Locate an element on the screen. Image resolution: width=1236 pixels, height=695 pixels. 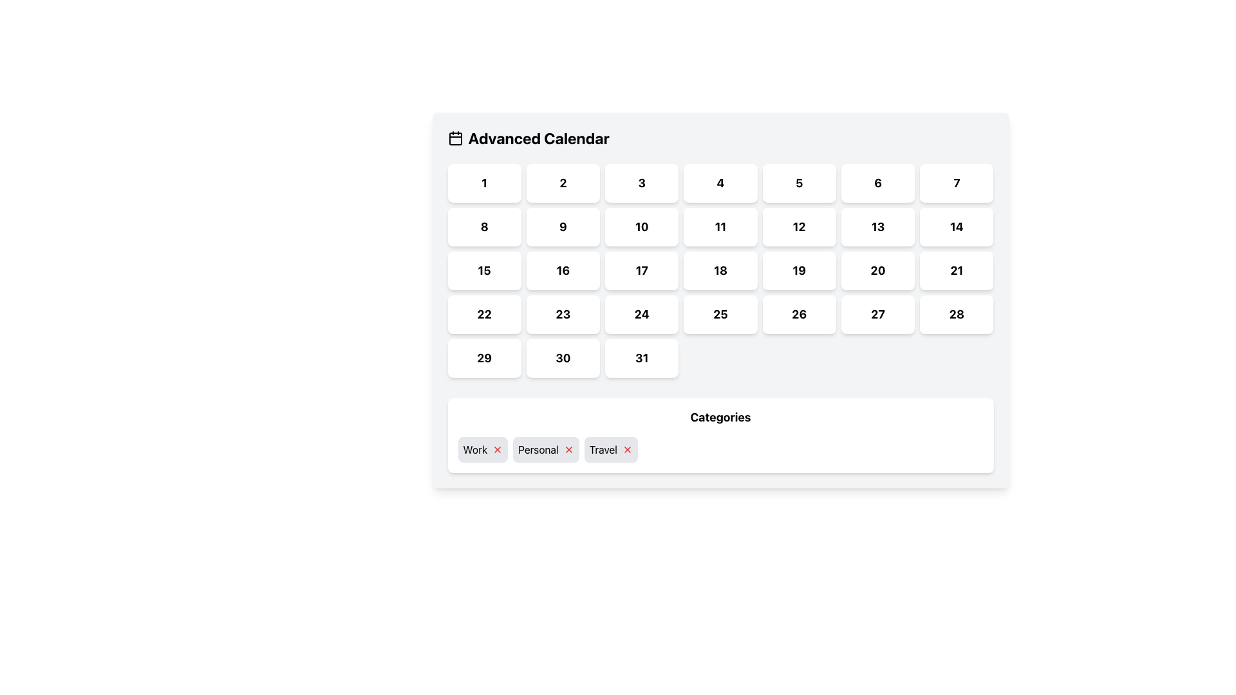
the central rectangle of the calendar-shaped icon, which visually indicates the main section of the calendar and is positioned to the left of the 'Advanced Calendar' text is located at coordinates (455, 139).